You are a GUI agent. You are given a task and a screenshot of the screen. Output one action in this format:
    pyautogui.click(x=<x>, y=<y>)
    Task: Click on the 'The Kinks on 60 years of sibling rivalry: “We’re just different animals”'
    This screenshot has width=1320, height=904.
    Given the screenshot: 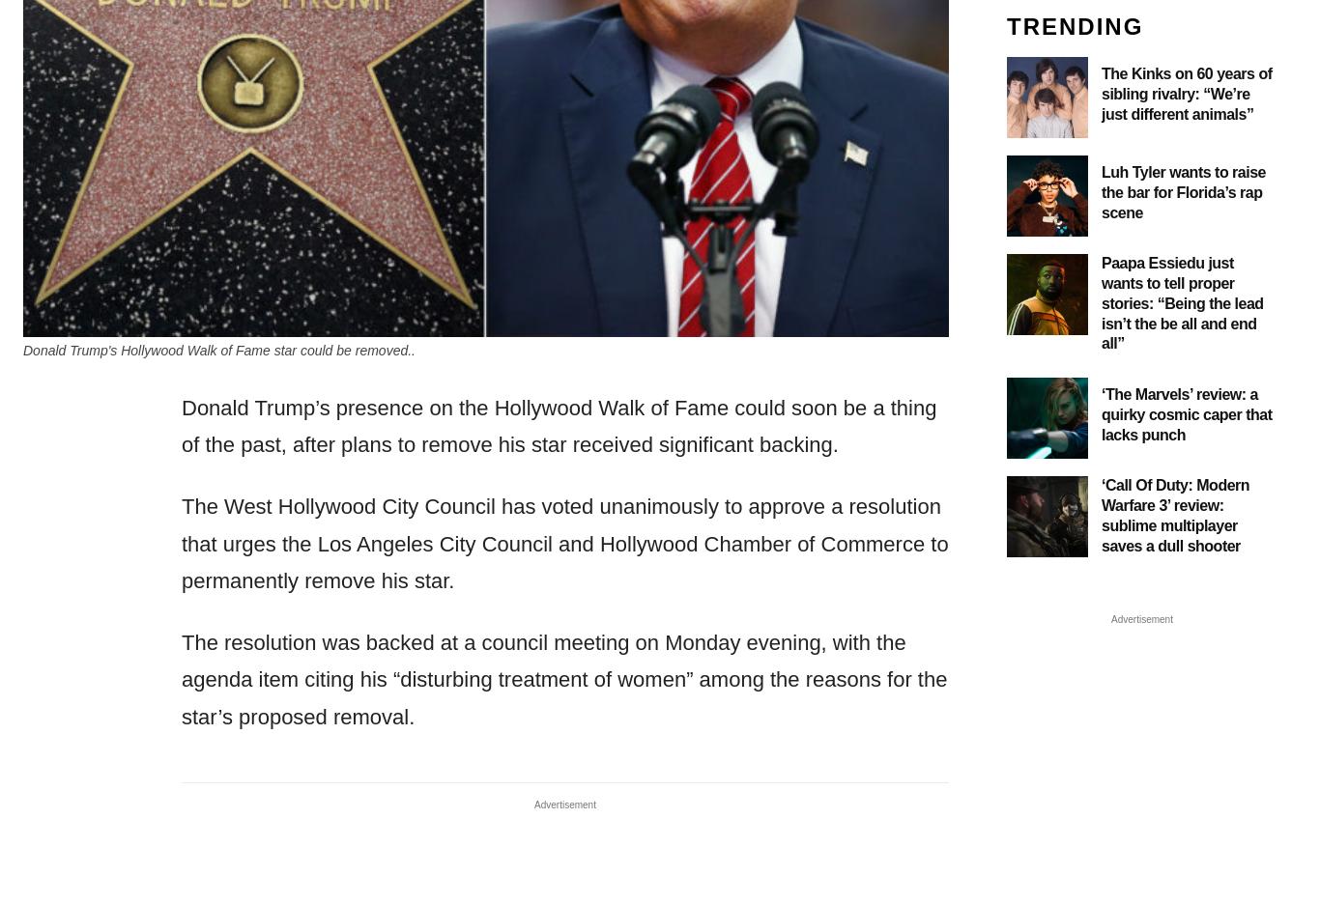 What is the action you would take?
    pyautogui.click(x=1187, y=92)
    